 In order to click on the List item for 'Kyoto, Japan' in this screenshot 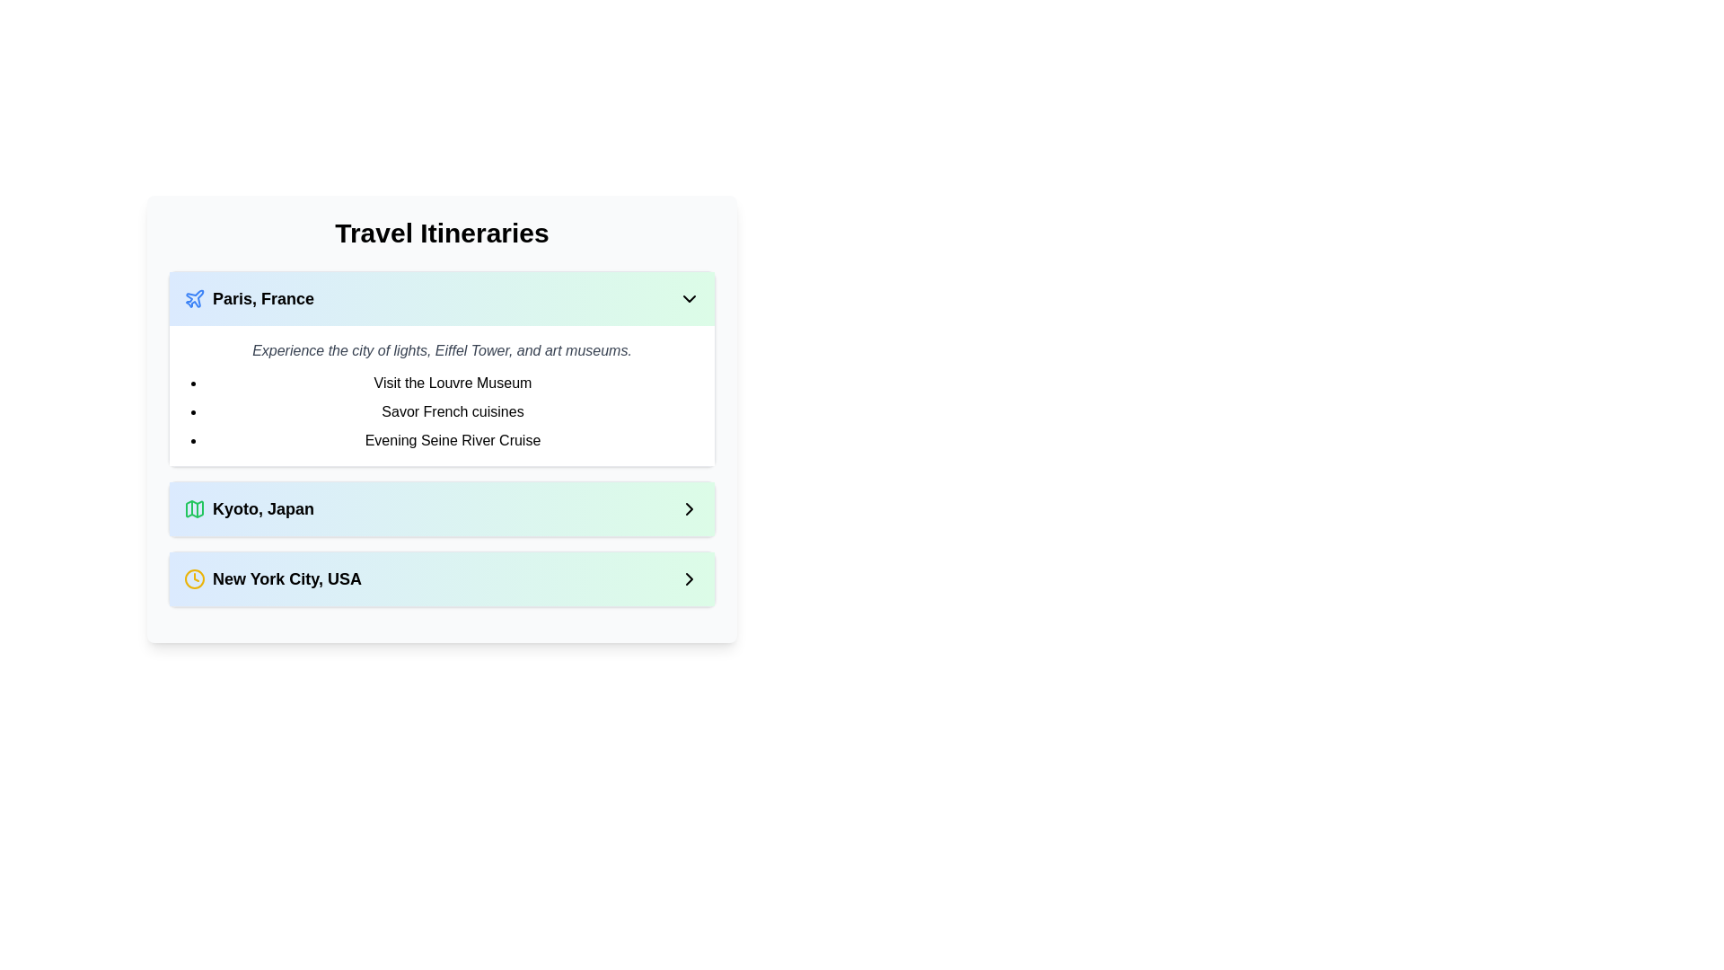, I will do `click(442, 509)`.